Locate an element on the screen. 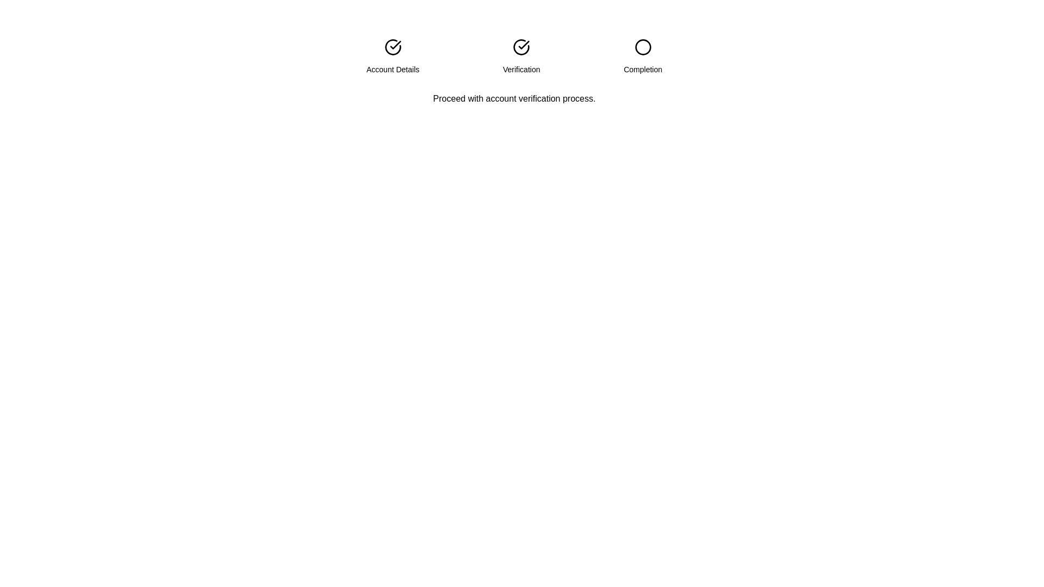  the 'Account Details' text label is located at coordinates (392, 57).